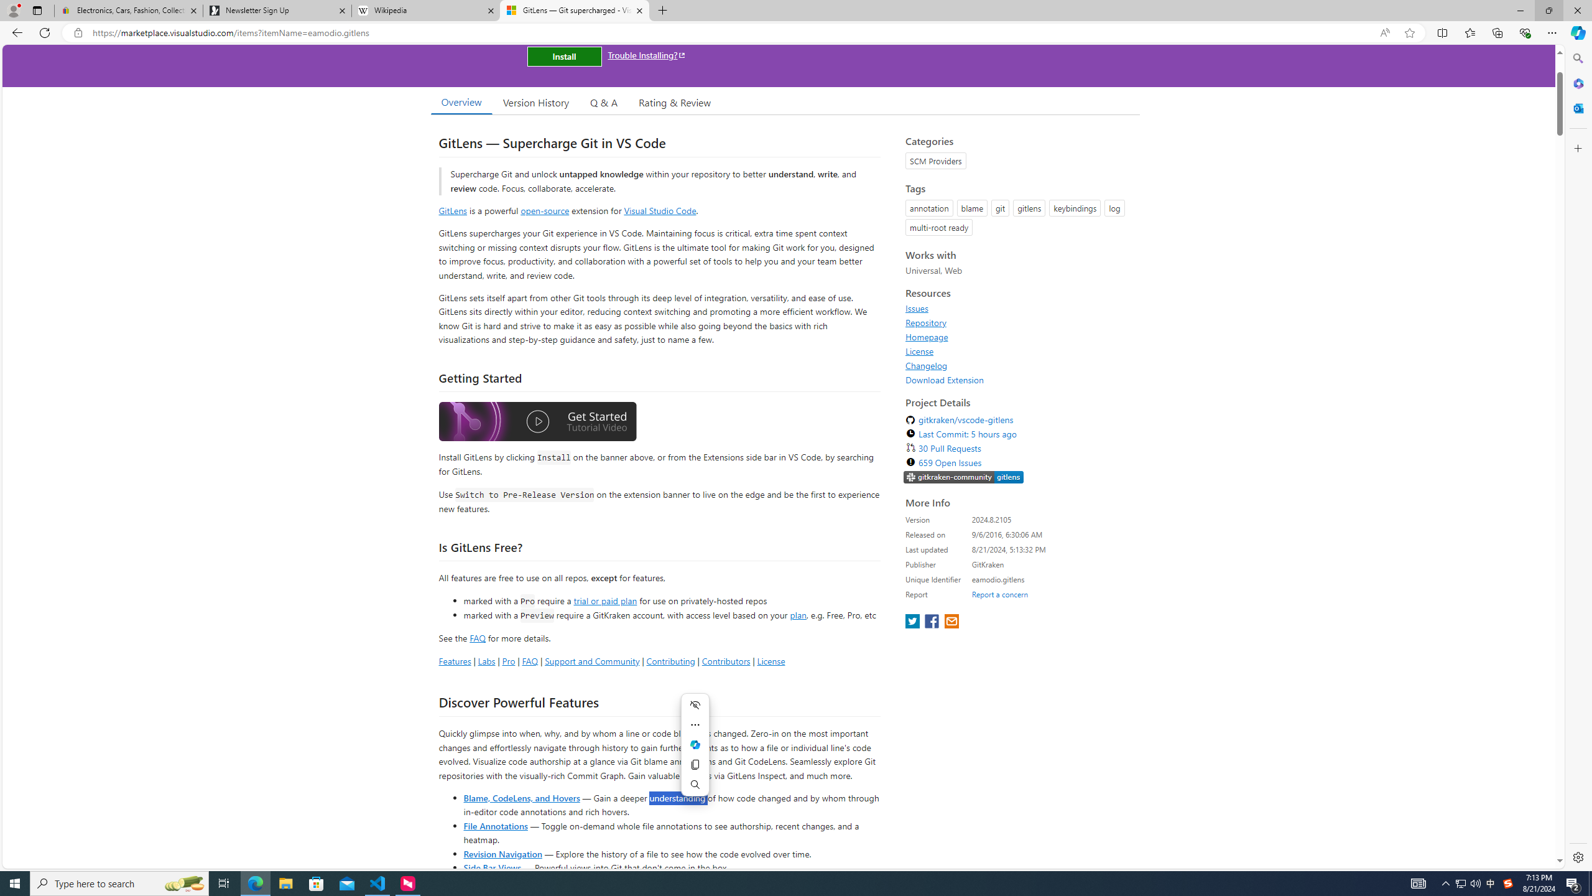 The image size is (1592, 896). I want to click on 'Newsletter Sign Up', so click(276, 10).